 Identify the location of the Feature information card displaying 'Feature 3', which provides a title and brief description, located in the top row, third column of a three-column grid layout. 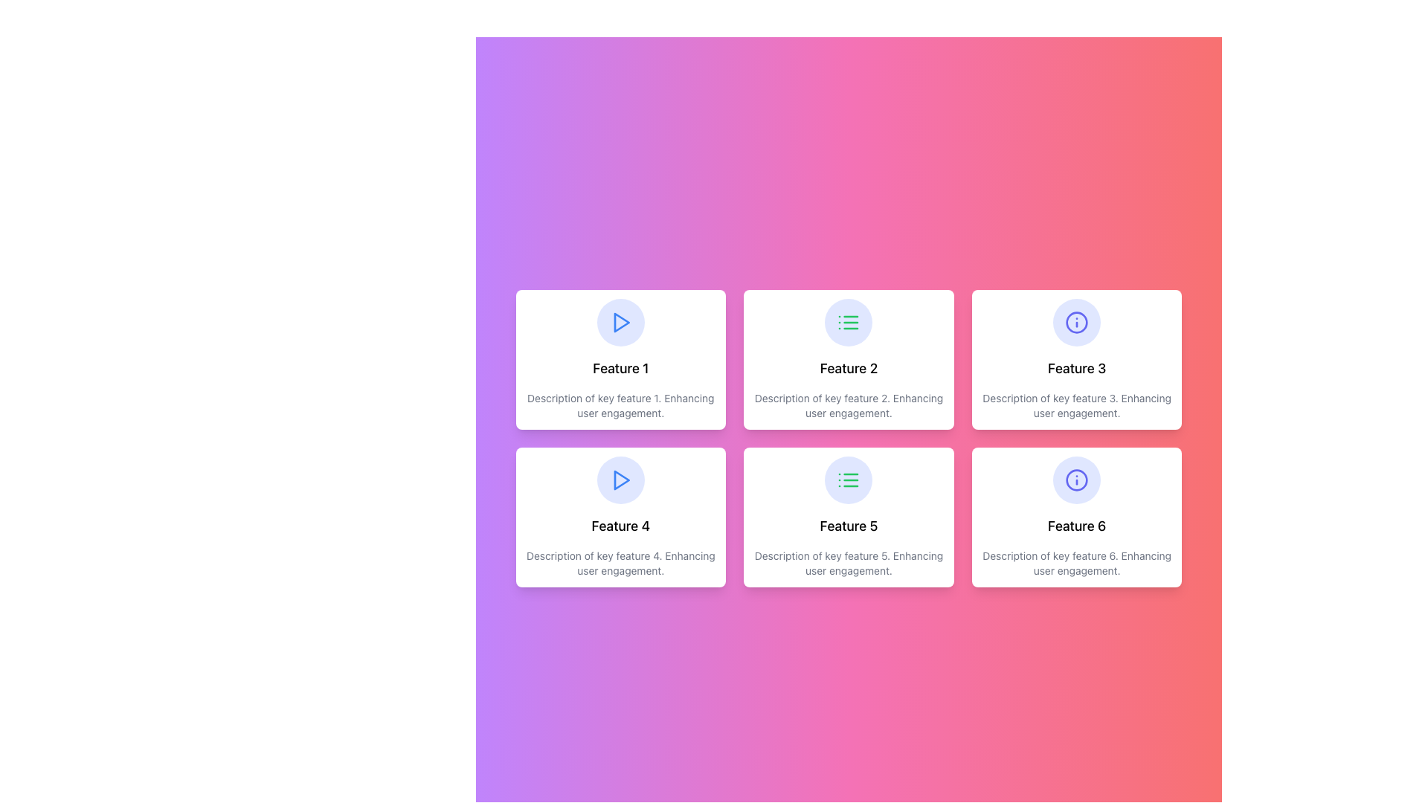
(1077, 359).